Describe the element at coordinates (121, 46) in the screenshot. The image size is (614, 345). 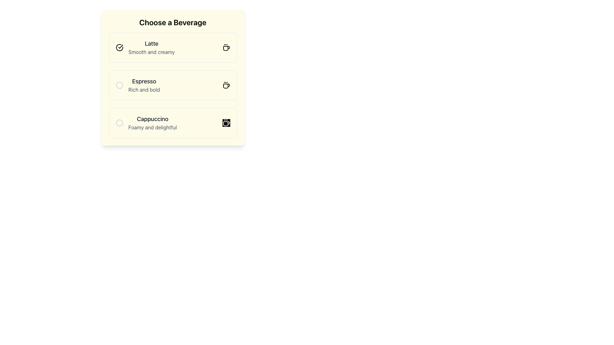
I see `the SVG graphic indicating the selection of the 'Latte' option, located slightly to the left of the 'Latte' label text` at that location.